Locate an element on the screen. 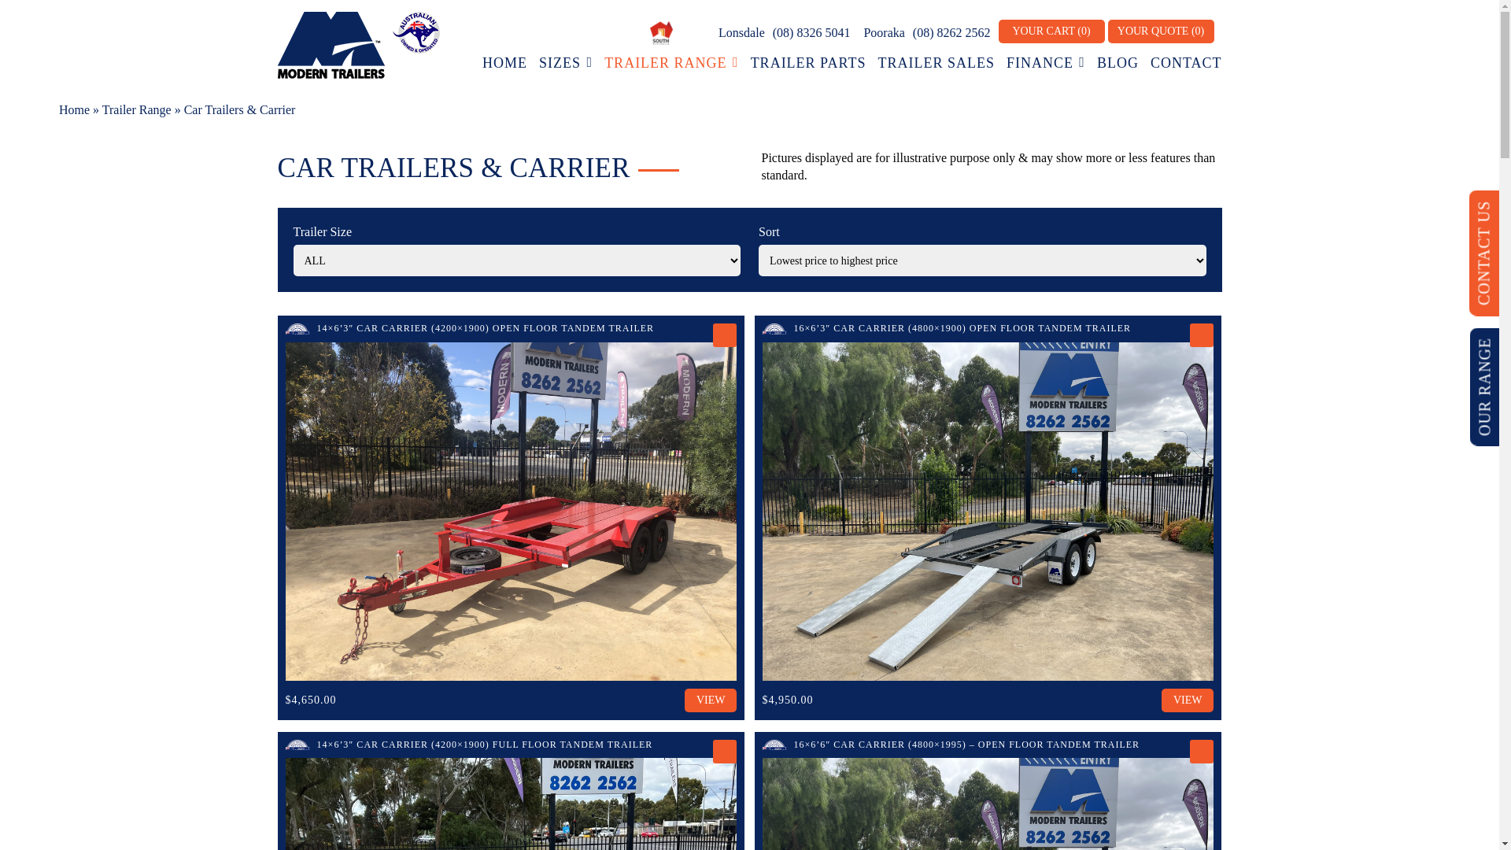 The width and height of the screenshot is (1511, 850). 'Lonsdale' is located at coordinates (739, 32).